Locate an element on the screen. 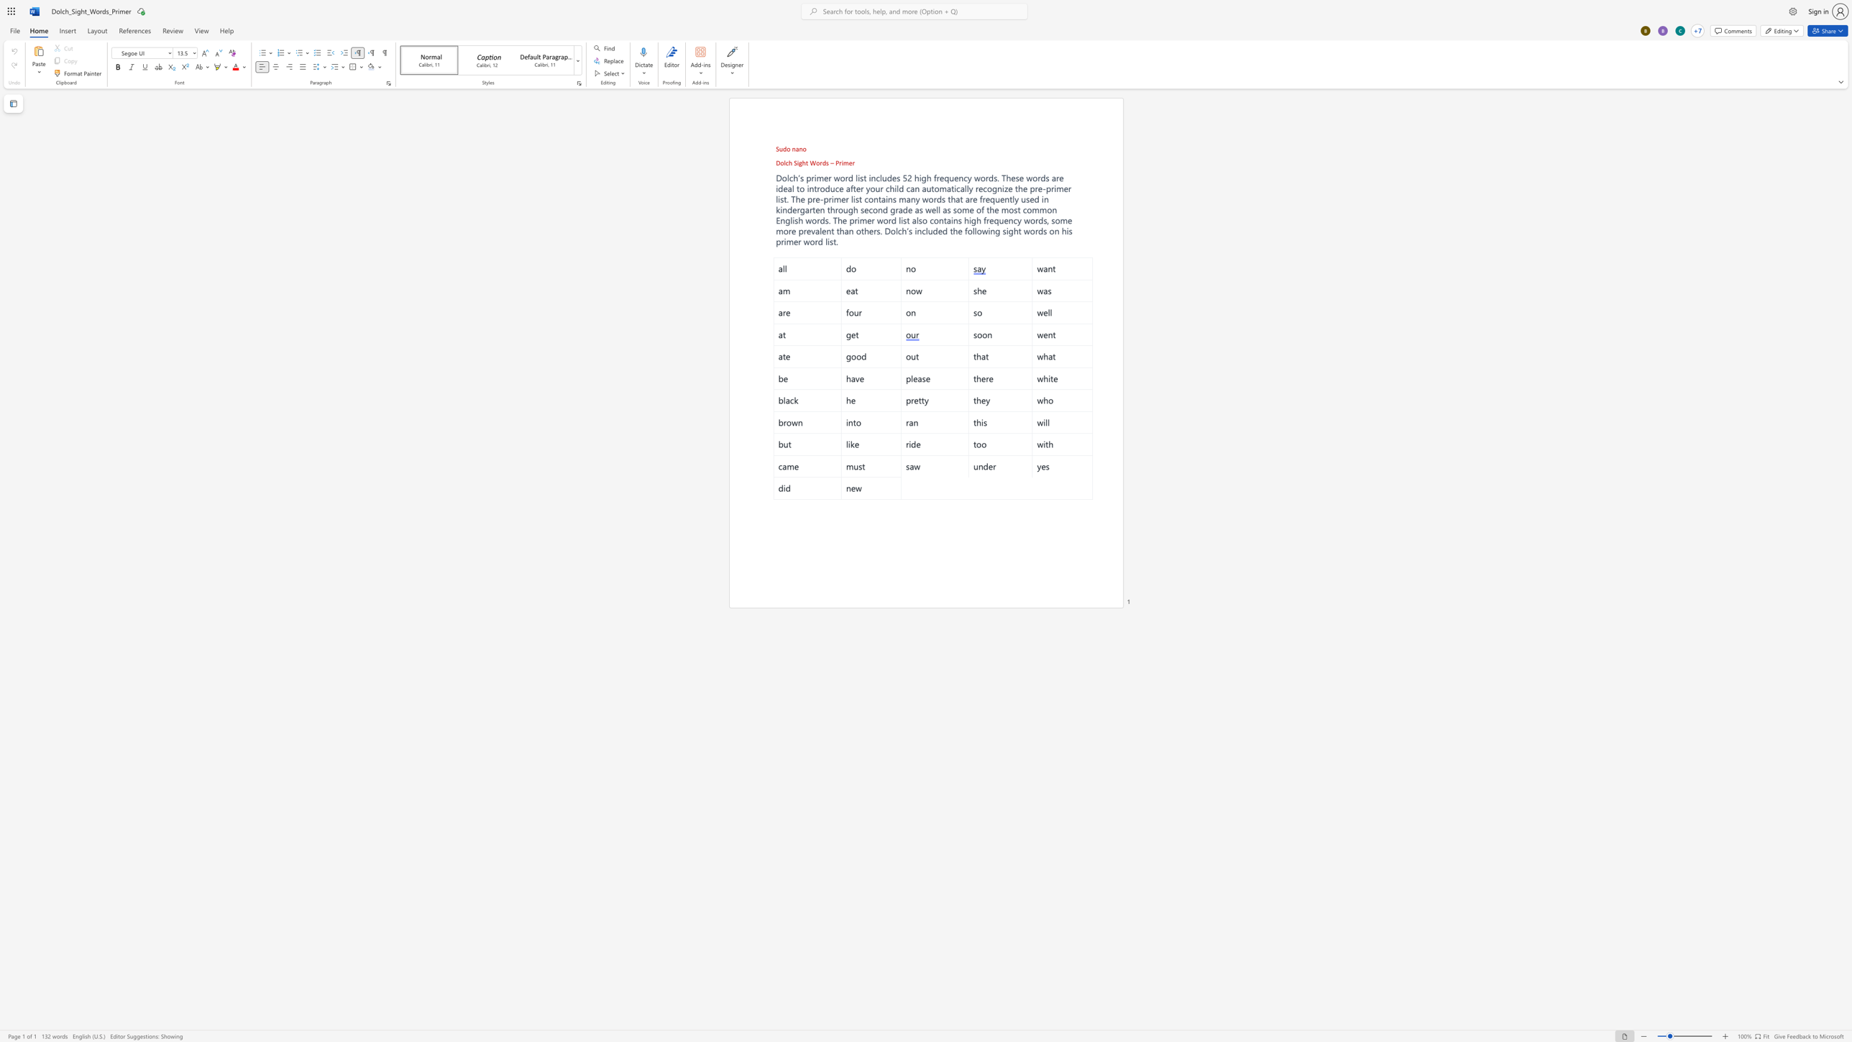  the 5th character "r" in the text is located at coordinates (817, 221).